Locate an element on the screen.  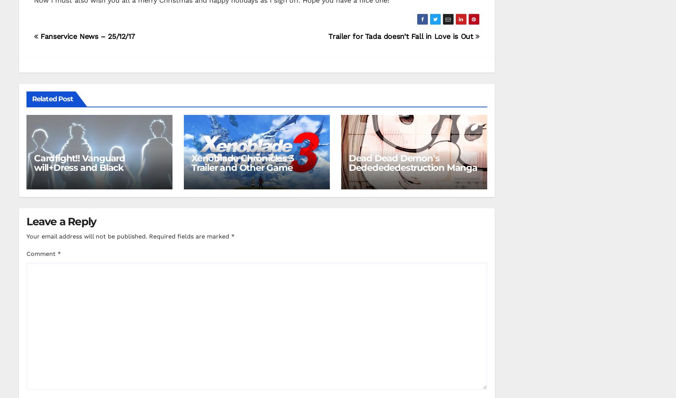
'Fanservice News – 25/12/17' is located at coordinates (86, 36).